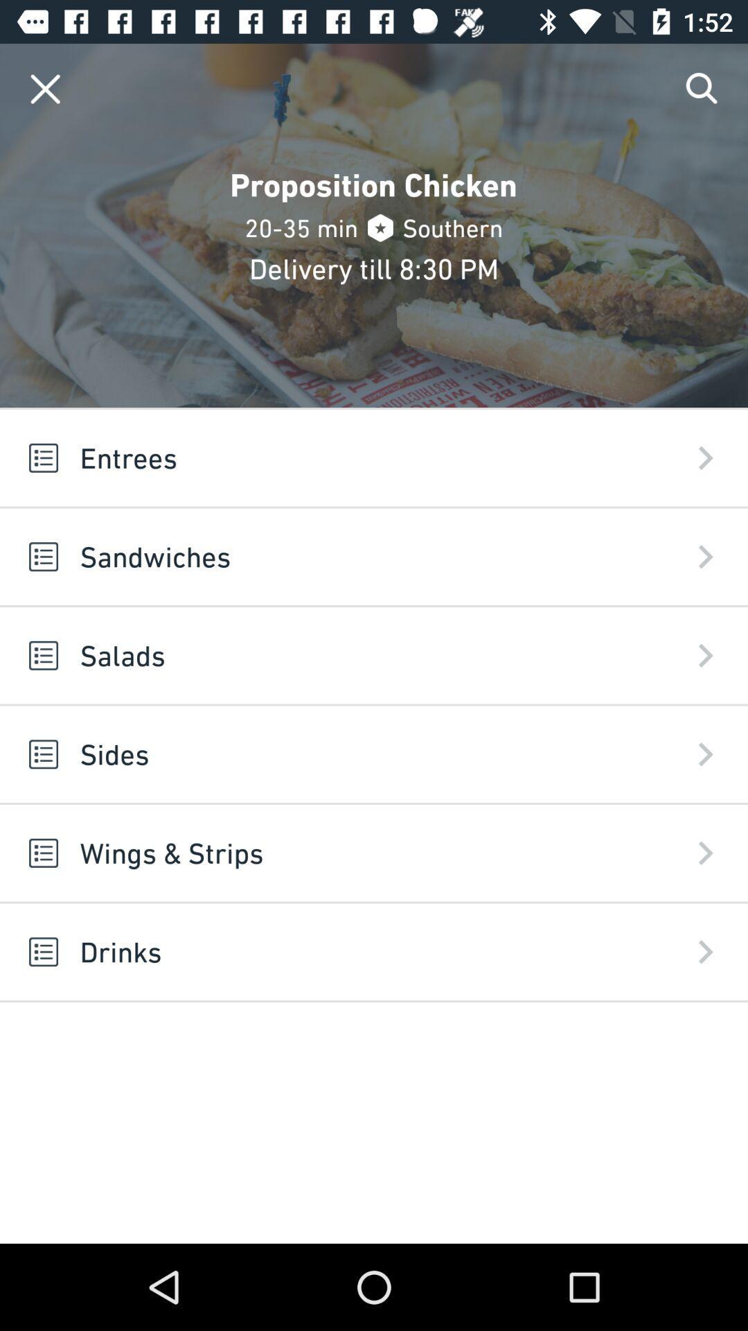 This screenshot has height=1331, width=748. What do you see at coordinates (702, 88) in the screenshot?
I see `search icon` at bounding box center [702, 88].